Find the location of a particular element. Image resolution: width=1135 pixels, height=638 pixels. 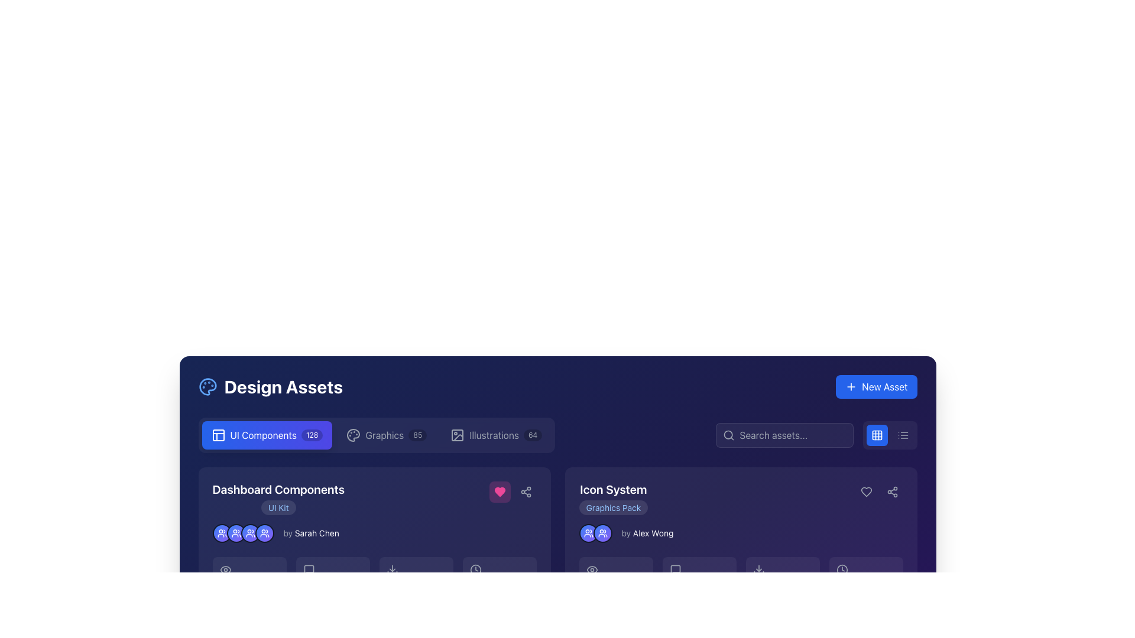

the user-related SVG icon located in the top-left section of the interface is located at coordinates (222, 533).